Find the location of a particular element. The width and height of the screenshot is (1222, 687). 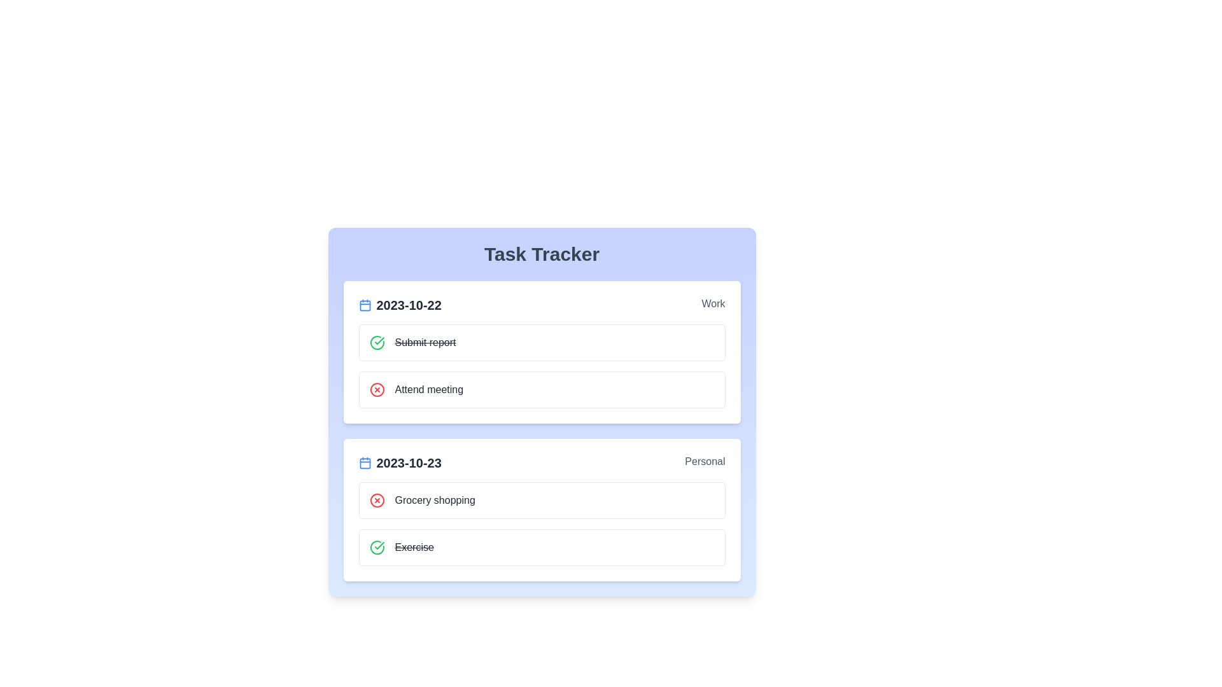

the task Grocery shopping to reveal additional options is located at coordinates (435, 499).